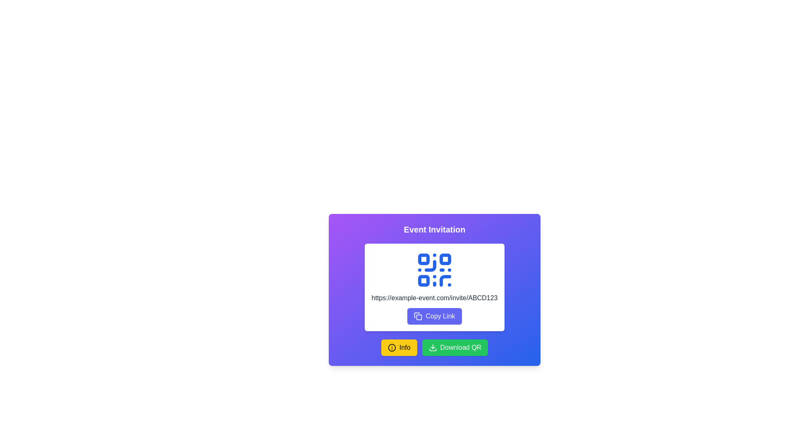 This screenshot has height=446, width=794. Describe the element at coordinates (418, 316) in the screenshot. I see `the minimalist copy icon located within the 'Copy Link' button, which has a blue background and white text, to initiate the copy action` at that location.